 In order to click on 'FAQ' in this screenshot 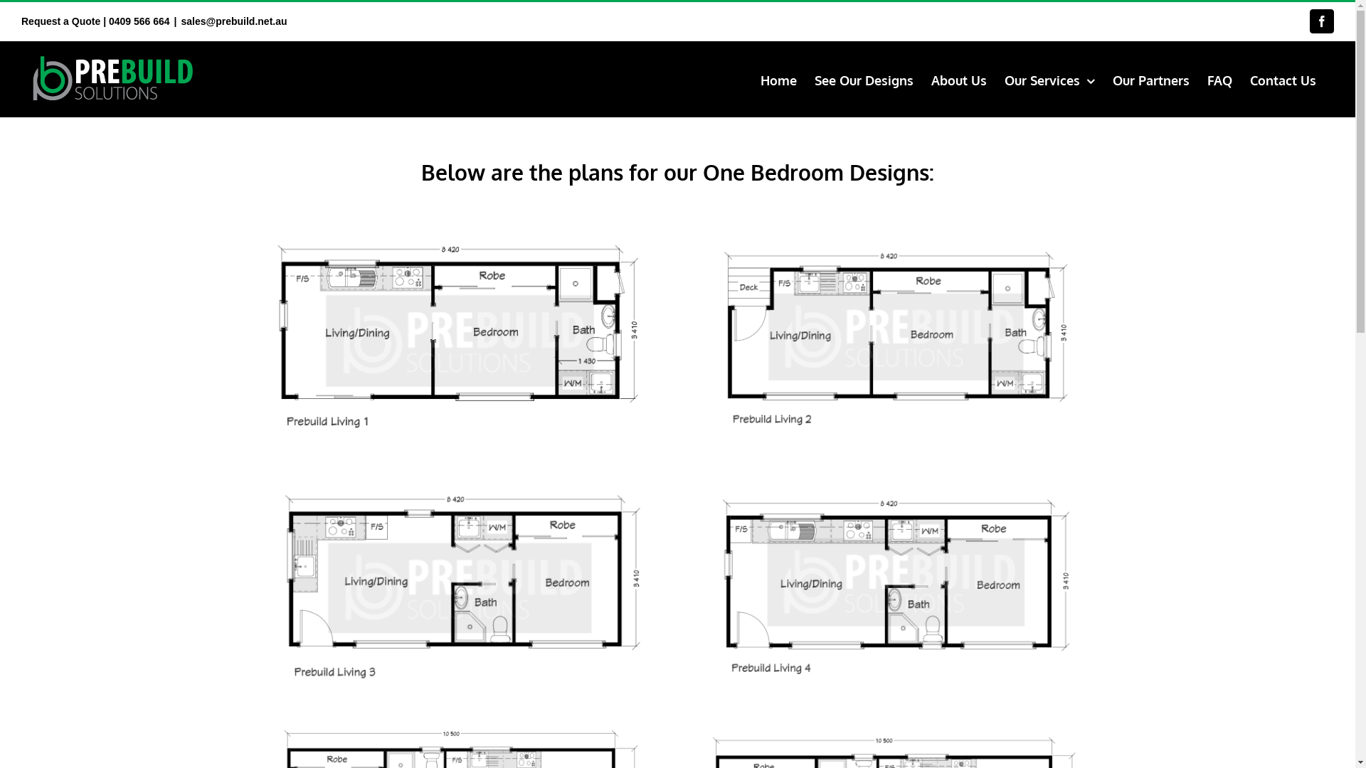, I will do `click(1219, 79)`.